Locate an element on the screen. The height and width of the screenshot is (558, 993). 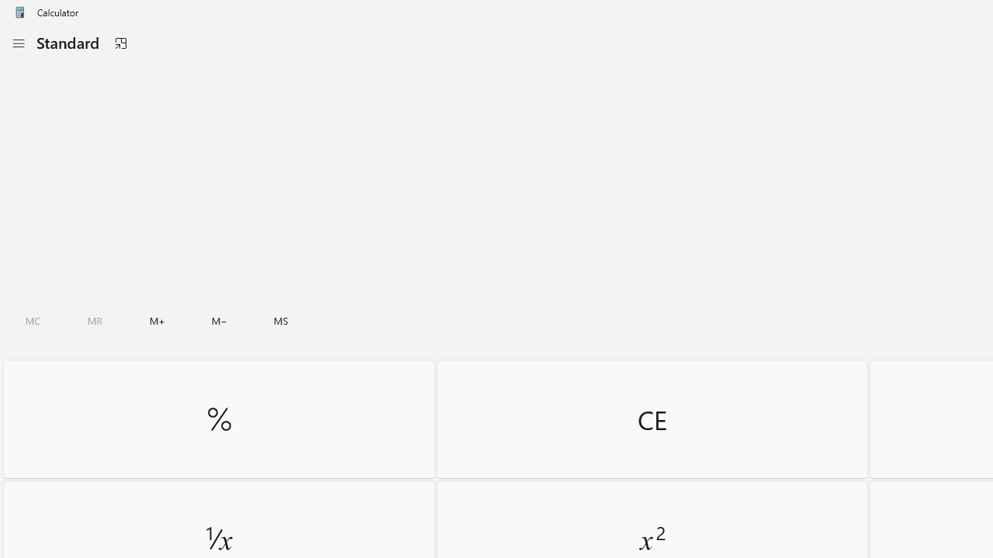
'Memory store' is located at coordinates (281, 320).